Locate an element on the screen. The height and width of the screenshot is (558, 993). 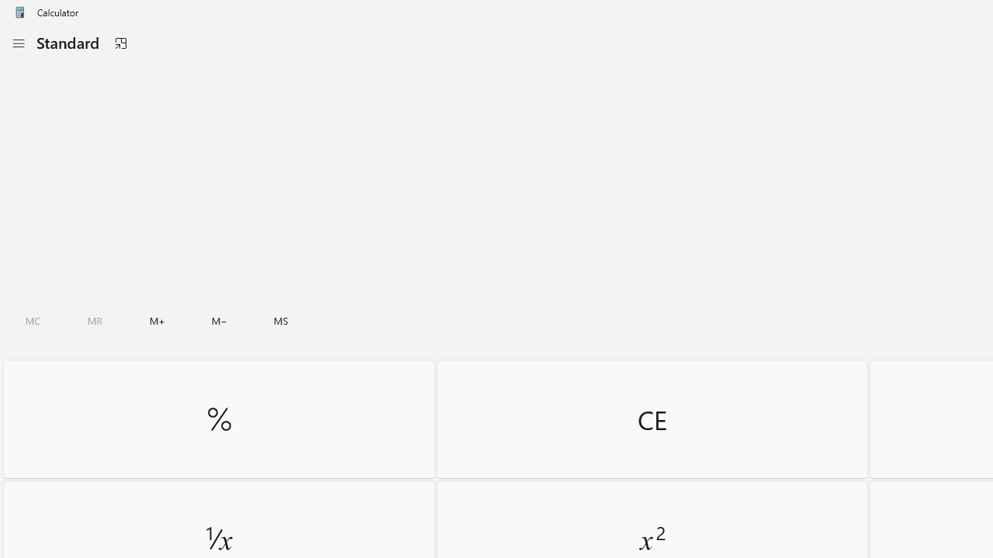
'Memory store' is located at coordinates (281, 320).